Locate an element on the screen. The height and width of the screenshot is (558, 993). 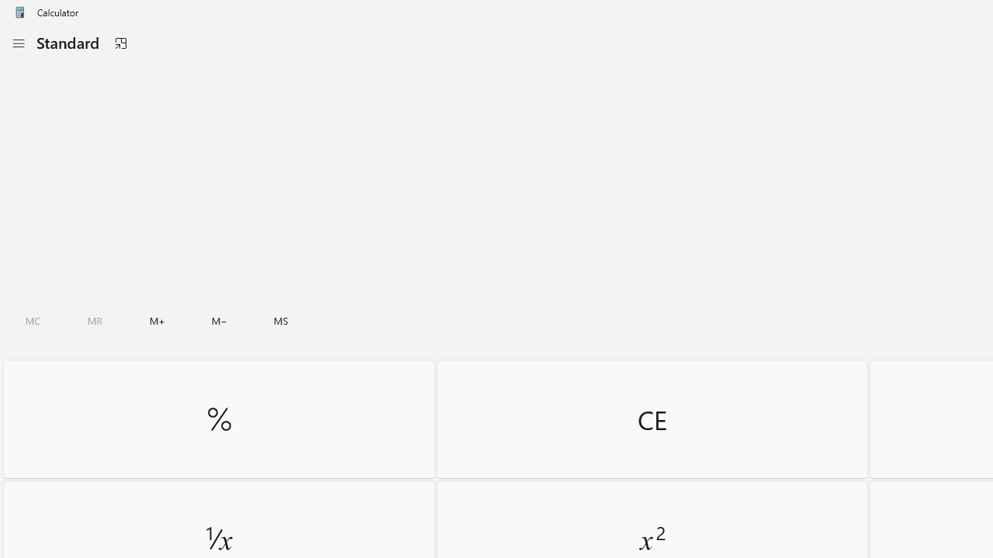
'Memory store' is located at coordinates (281, 320).